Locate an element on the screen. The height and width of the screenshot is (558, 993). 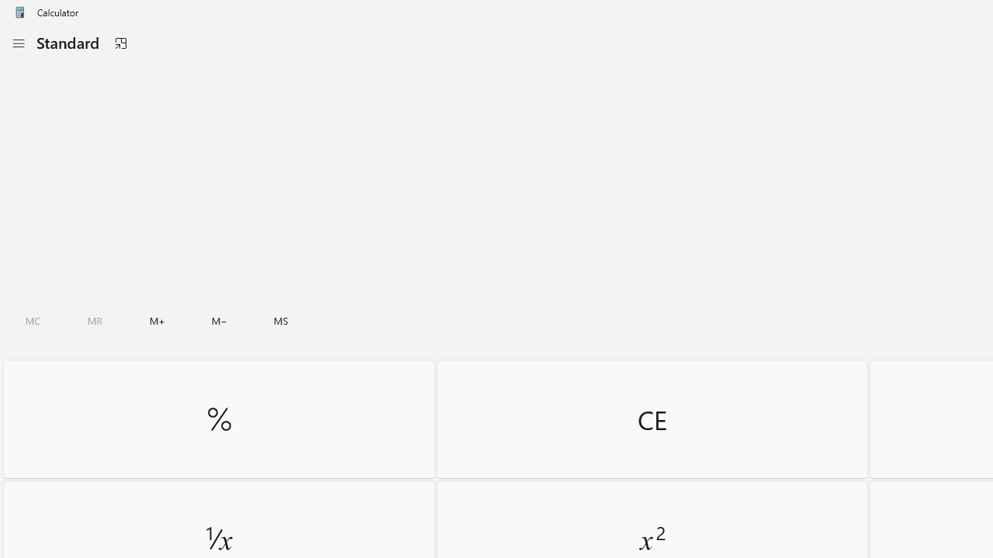
'Memory store' is located at coordinates (281, 320).